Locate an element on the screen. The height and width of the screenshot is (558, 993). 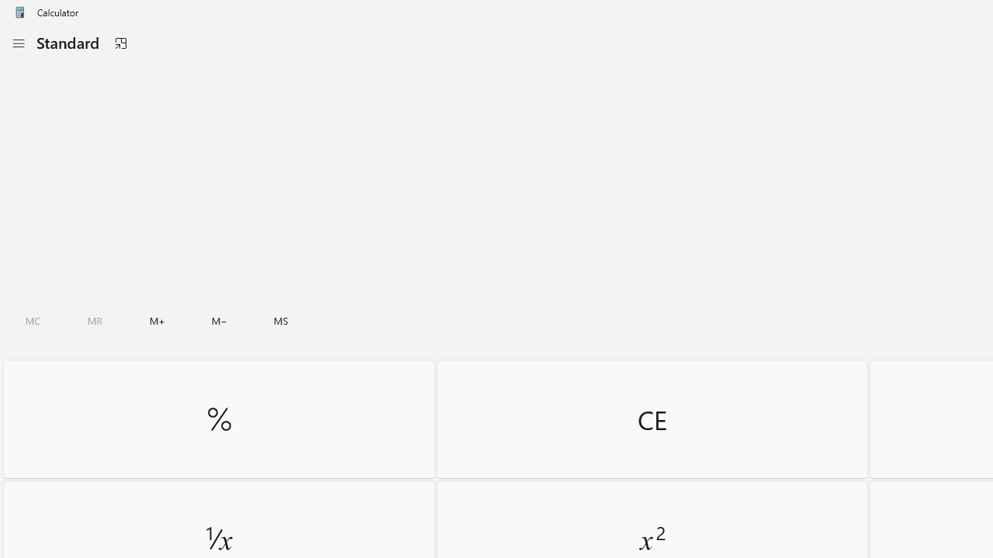
'Memory store' is located at coordinates (281, 320).